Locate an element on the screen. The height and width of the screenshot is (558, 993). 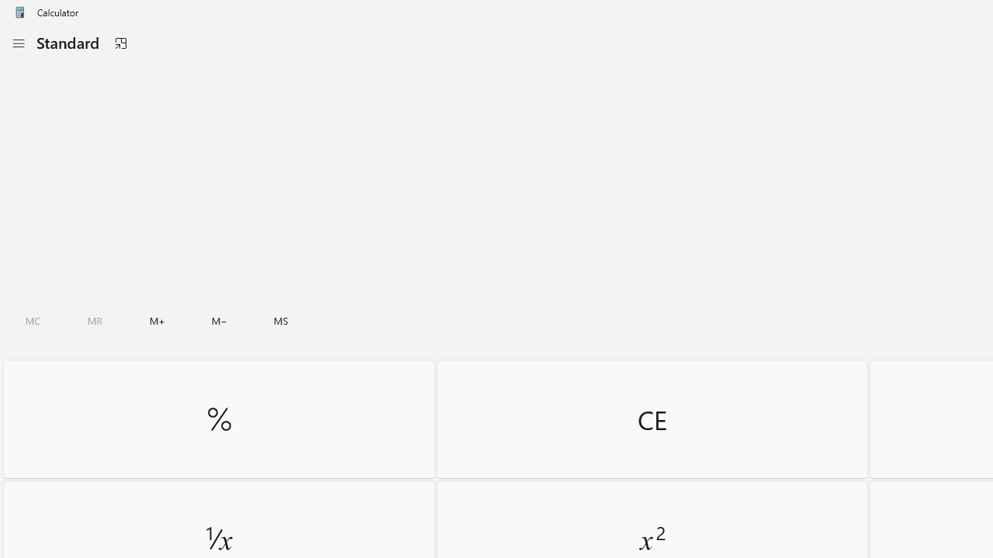
'Memory store' is located at coordinates (281, 320).